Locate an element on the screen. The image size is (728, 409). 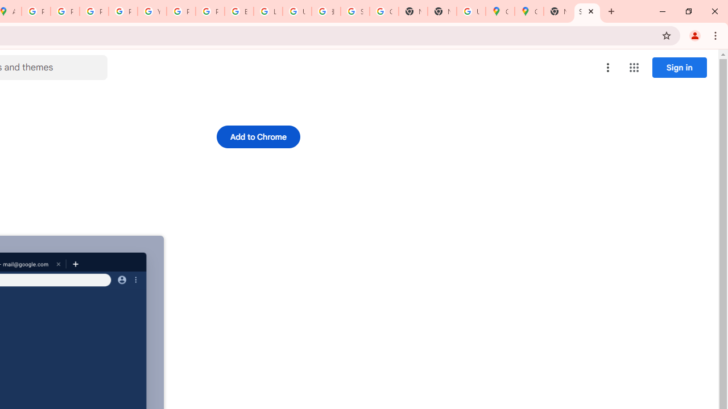
'Privacy Help Center - Policies Help' is located at coordinates (94, 11).